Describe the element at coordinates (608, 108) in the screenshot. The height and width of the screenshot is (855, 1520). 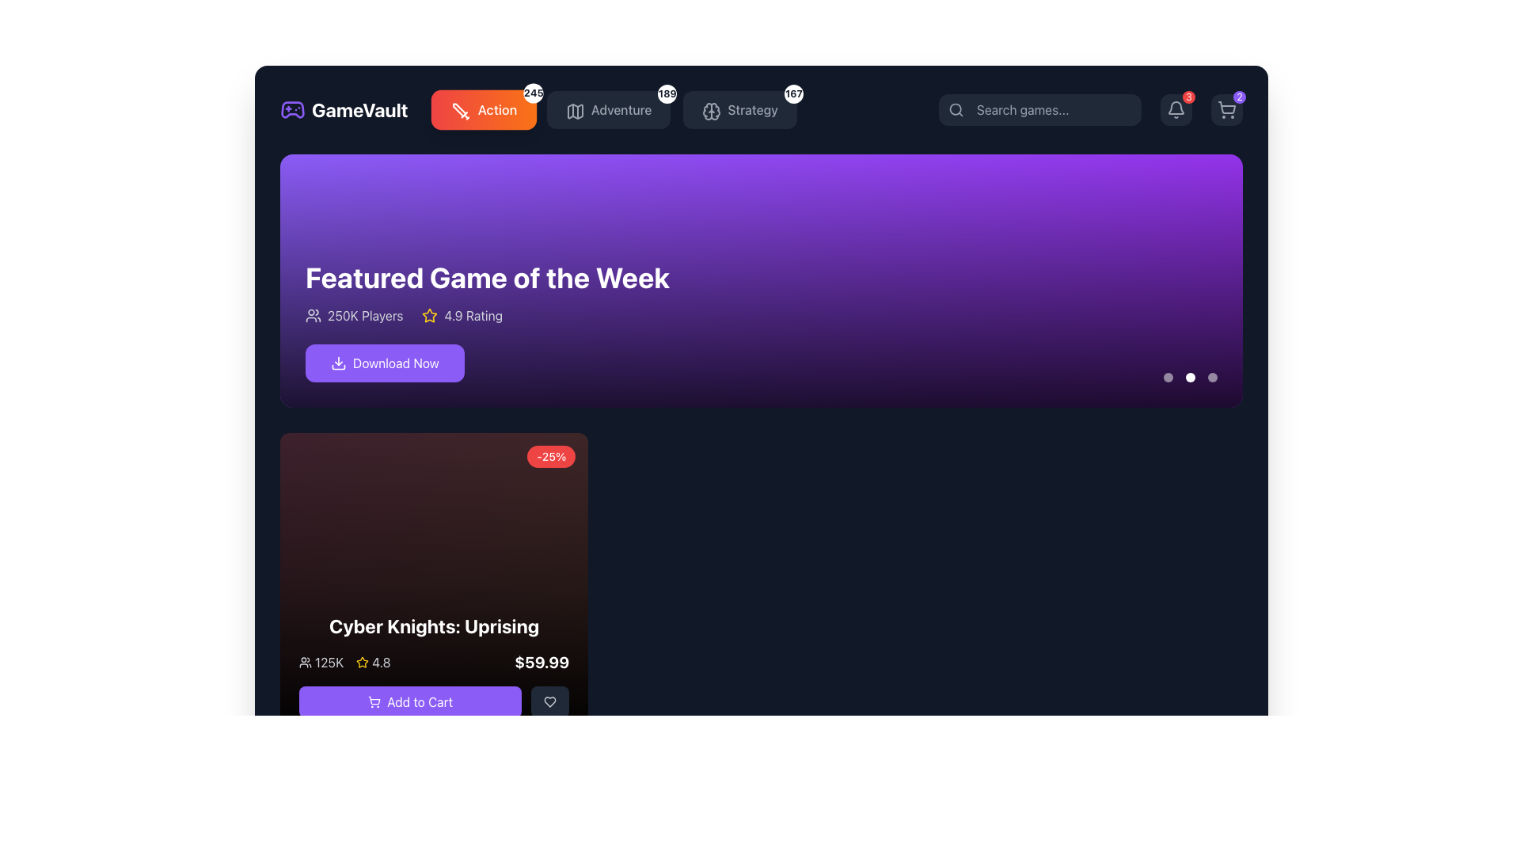
I see `the 'Adventure' button in the navigation bar, which is gray with a map icon and has a badge displaying '189'` at that location.